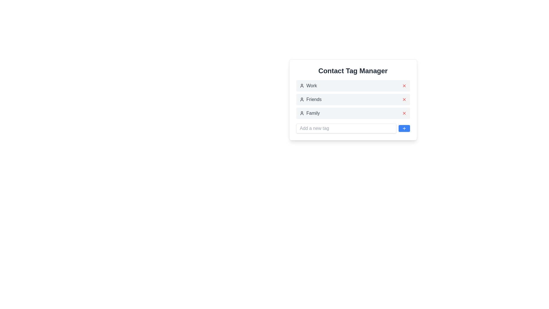 The height and width of the screenshot is (309, 549). Describe the element at coordinates (404, 128) in the screenshot. I see `the blue button with a white plus sign icon located at the far right of the input field labeled 'Add a new tag'` at that location.